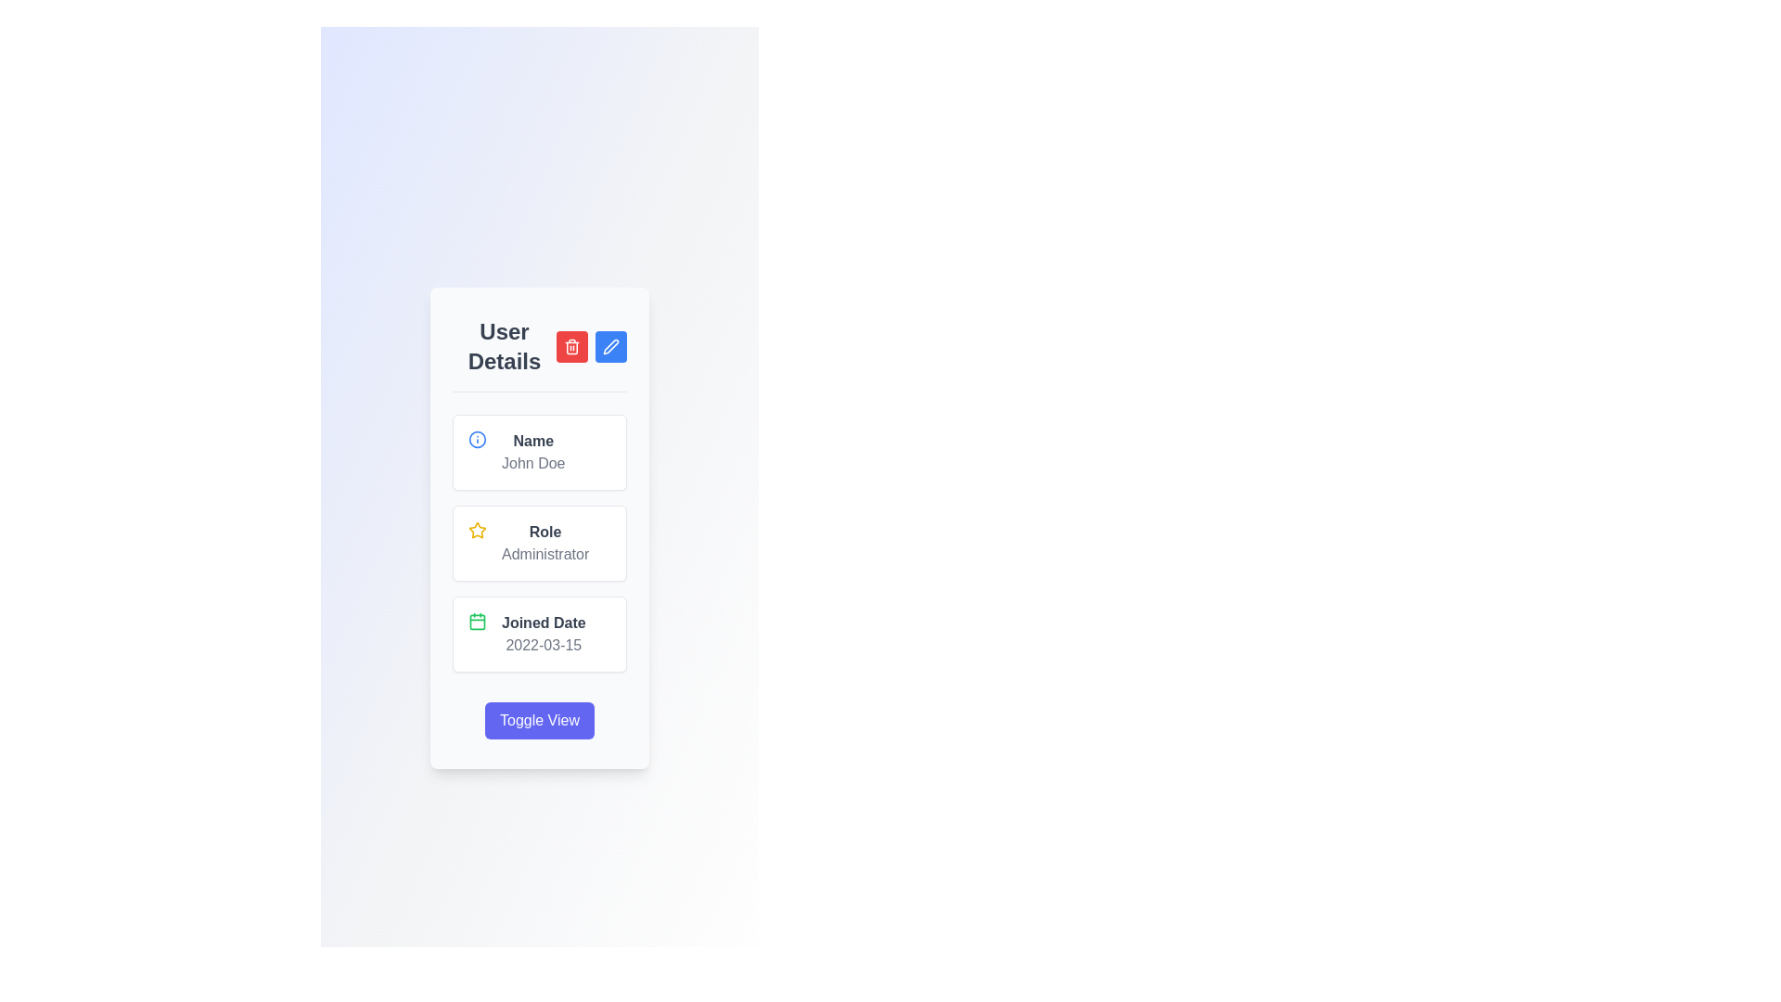 The image size is (1781, 1002). What do you see at coordinates (538, 528) in the screenshot?
I see `the input fields within the 'User Details' card` at bounding box center [538, 528].